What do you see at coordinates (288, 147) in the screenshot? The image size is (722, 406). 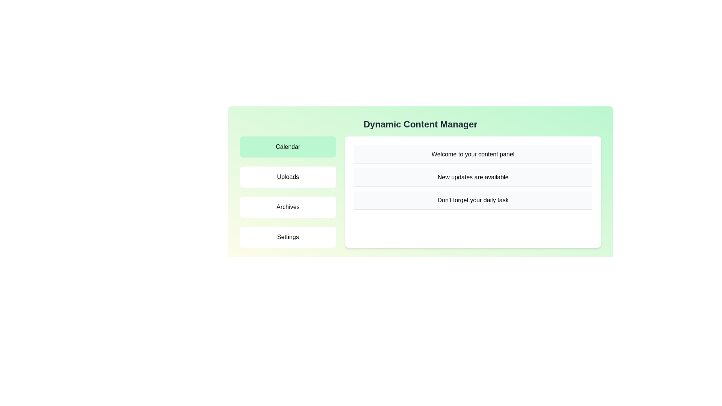 I see `the menu item labeled 'Calendar' to switch to its respective panel` at bounding box center [288, 147].